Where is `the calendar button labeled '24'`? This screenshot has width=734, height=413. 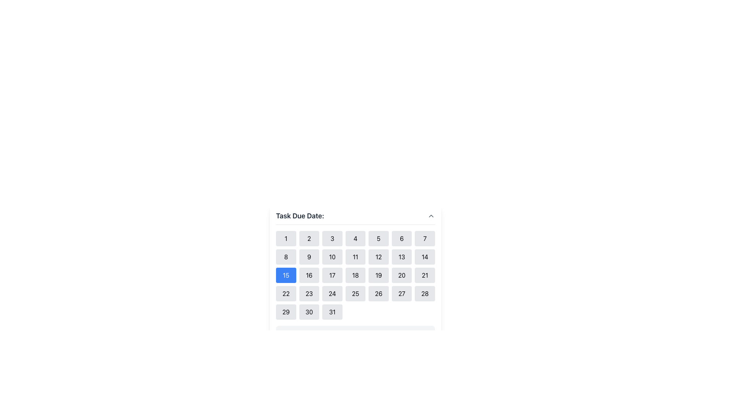
the calendar button labeled '24' is located at coordinates (332, 293).